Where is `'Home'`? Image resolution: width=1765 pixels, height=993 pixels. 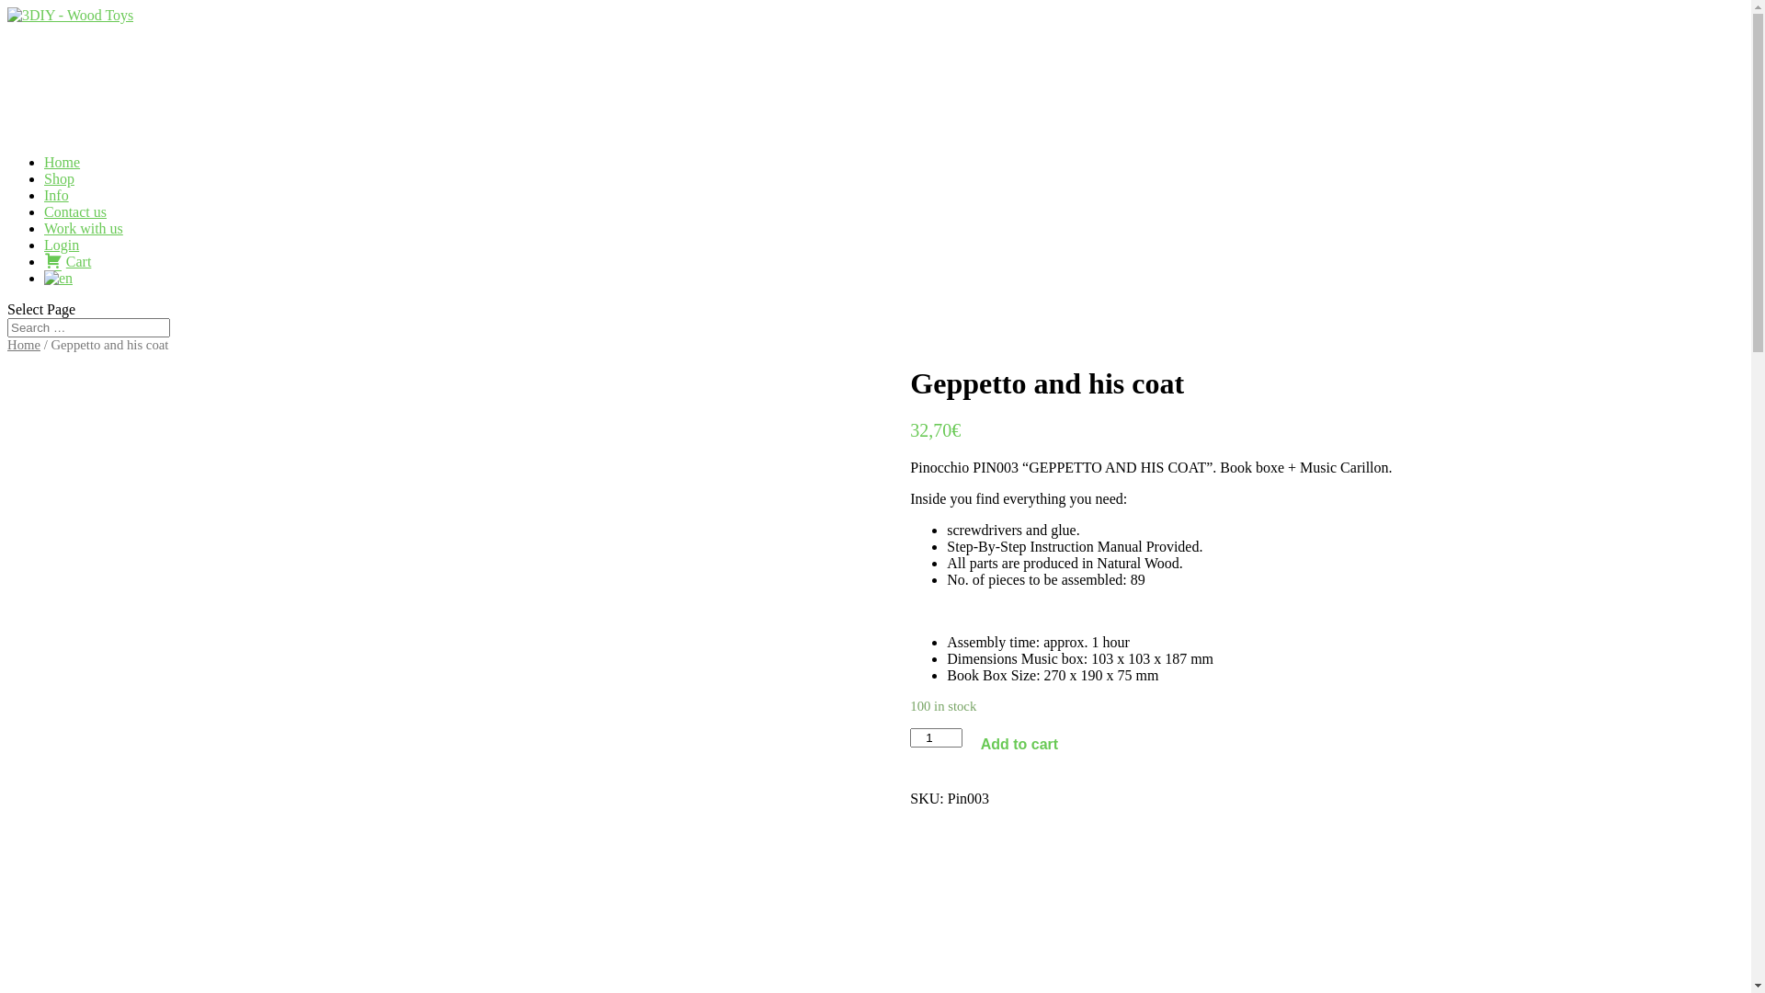
'Home' is located at coordinates (62, 174).